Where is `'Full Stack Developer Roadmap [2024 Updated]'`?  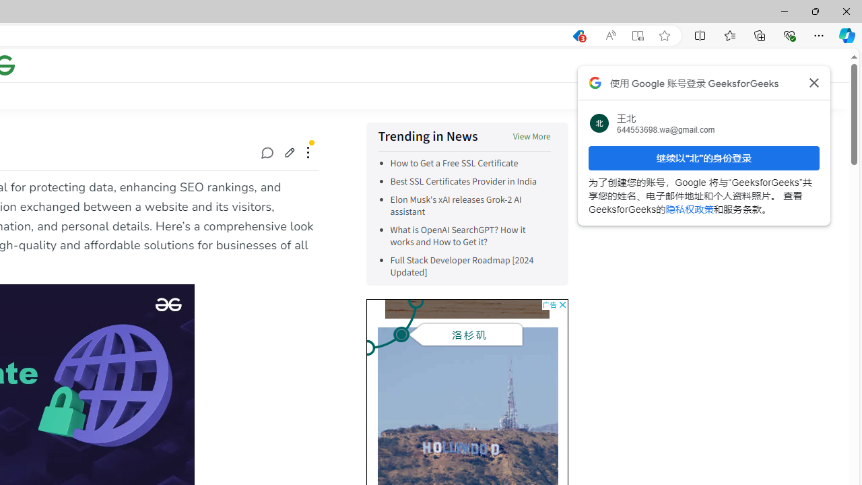 'Full Stack Developer Roadmap [2024 Updated]' is located at coordinates (470, 267).